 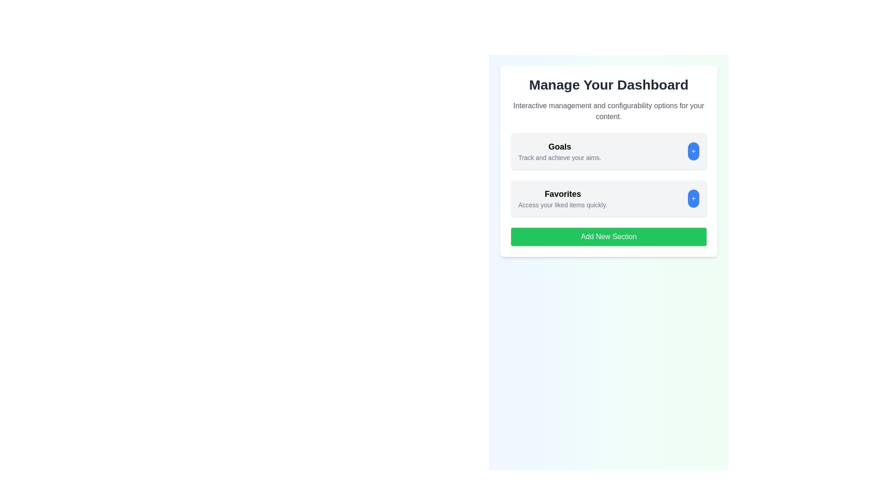 What do you see at coordinates (609, 111) in the screenshot?
I see `the descriptive text element styled in gray that reads 'Interactive management and configurability options for your content.' located below the title 'Manage Your Dashboard.'` at bounding box center [609, 111].